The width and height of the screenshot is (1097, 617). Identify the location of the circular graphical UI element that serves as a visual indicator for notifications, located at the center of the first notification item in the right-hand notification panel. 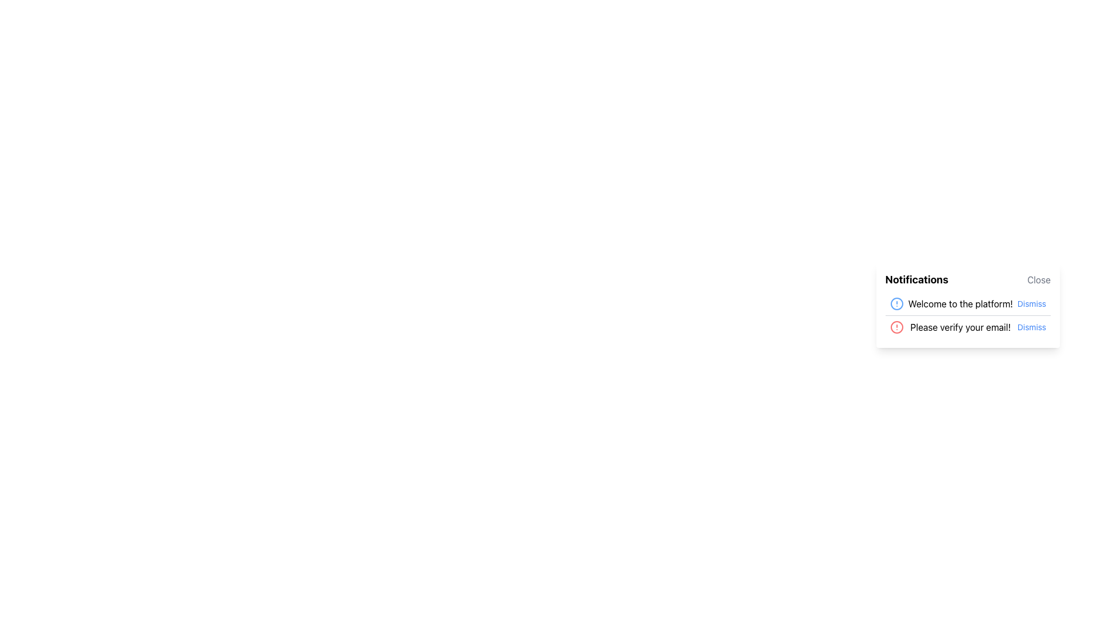
(896, 303).